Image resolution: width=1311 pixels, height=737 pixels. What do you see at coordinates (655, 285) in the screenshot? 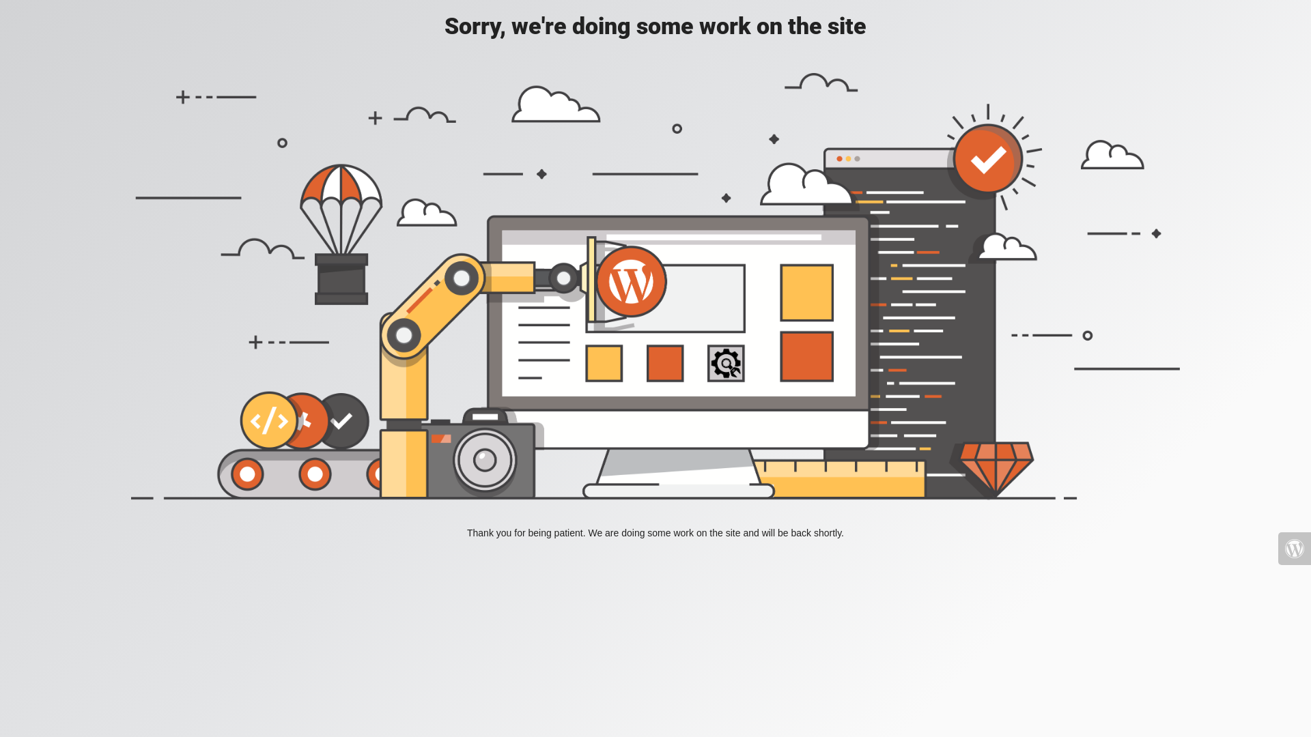
I see `'Construction work in progress'` at bounding box center [655, 285].